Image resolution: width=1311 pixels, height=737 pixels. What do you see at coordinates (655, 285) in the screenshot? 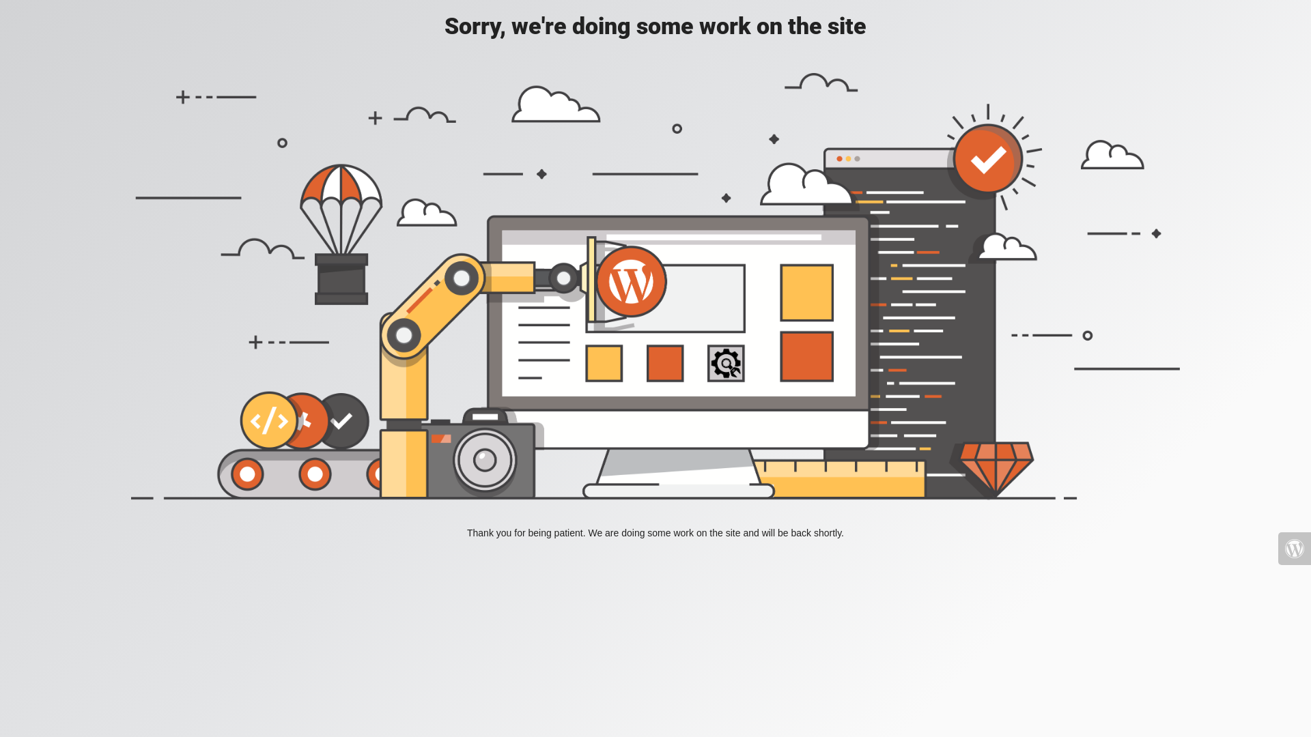
I see `'Construction work in progress'` at bounding box center [655, 285].